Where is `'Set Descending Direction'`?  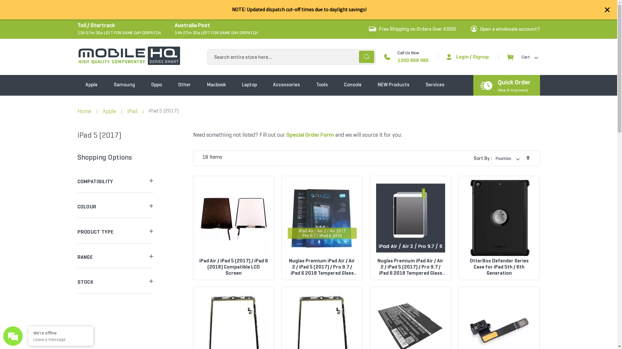
'Set Descending Direction' is located at coordinates (528, 158).